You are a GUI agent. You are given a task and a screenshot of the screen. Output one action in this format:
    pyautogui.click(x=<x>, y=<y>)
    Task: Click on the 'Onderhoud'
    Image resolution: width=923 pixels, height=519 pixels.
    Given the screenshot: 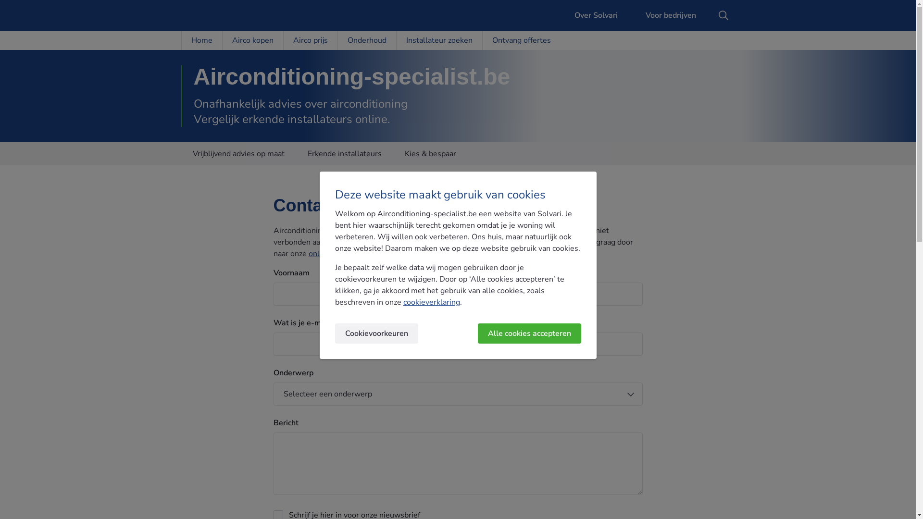 What is the action you would take?
    pyautogui.click(x=366, y=40)
    